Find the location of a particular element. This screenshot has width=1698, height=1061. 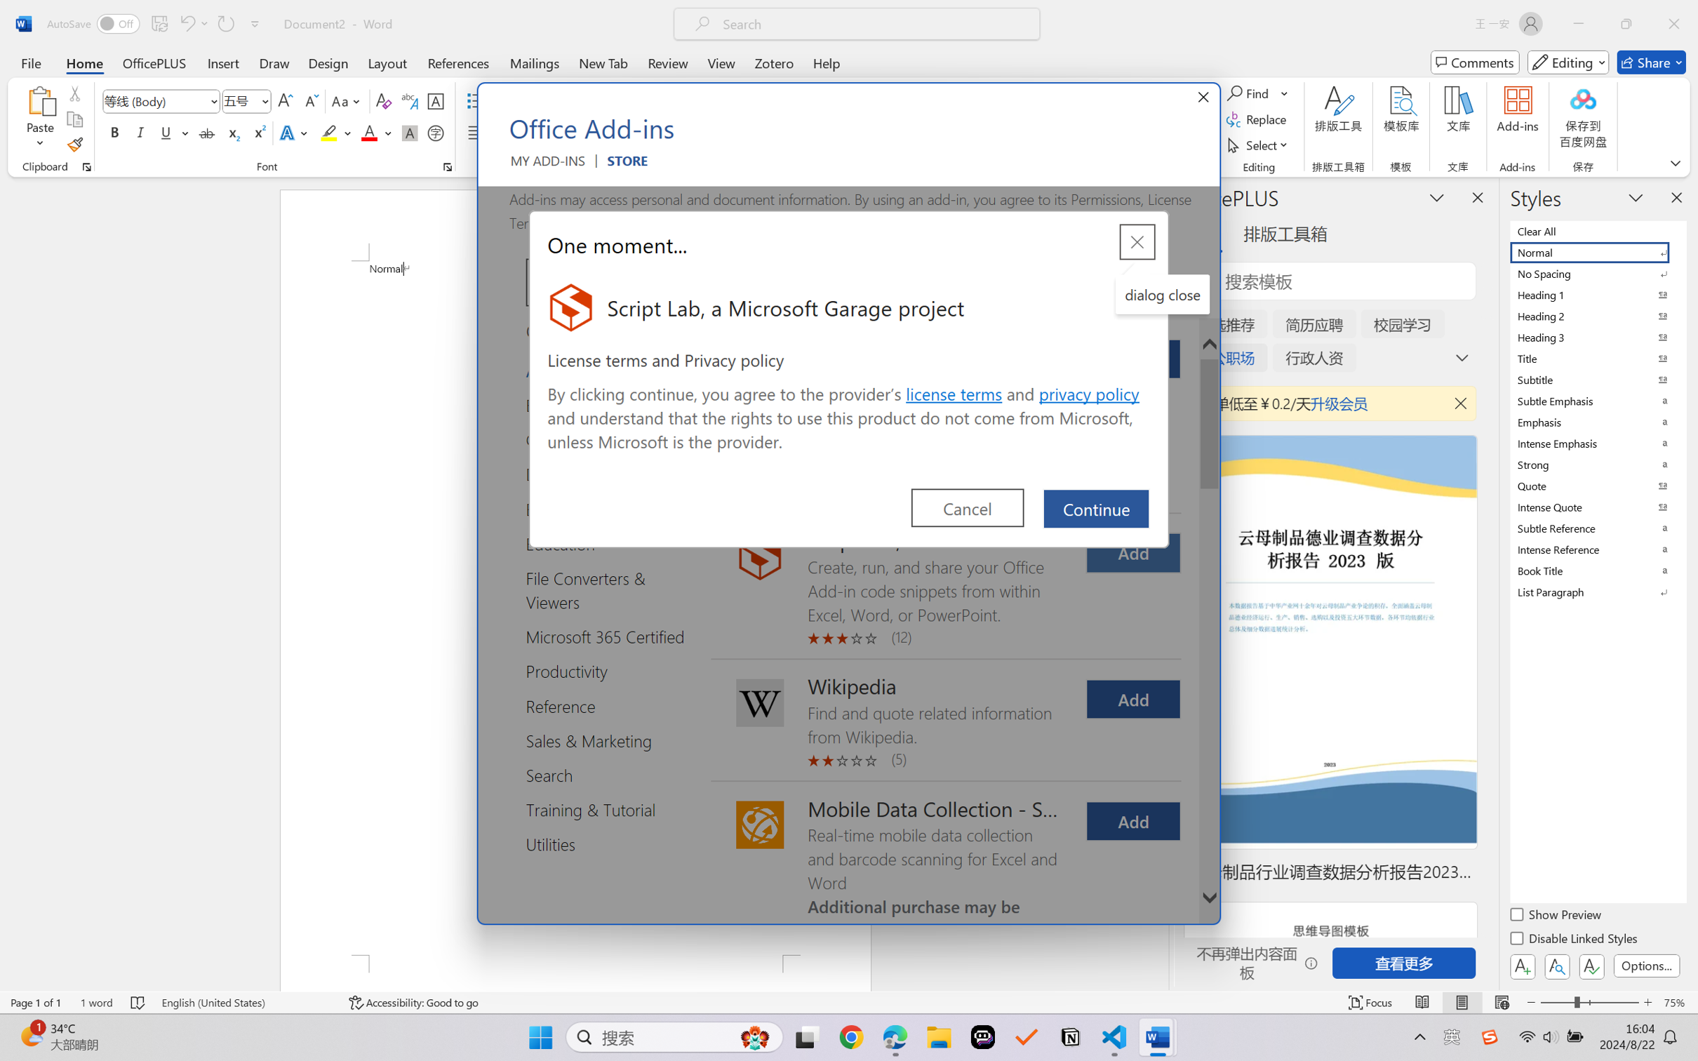

'Save' is located at coordinates (159, 23).